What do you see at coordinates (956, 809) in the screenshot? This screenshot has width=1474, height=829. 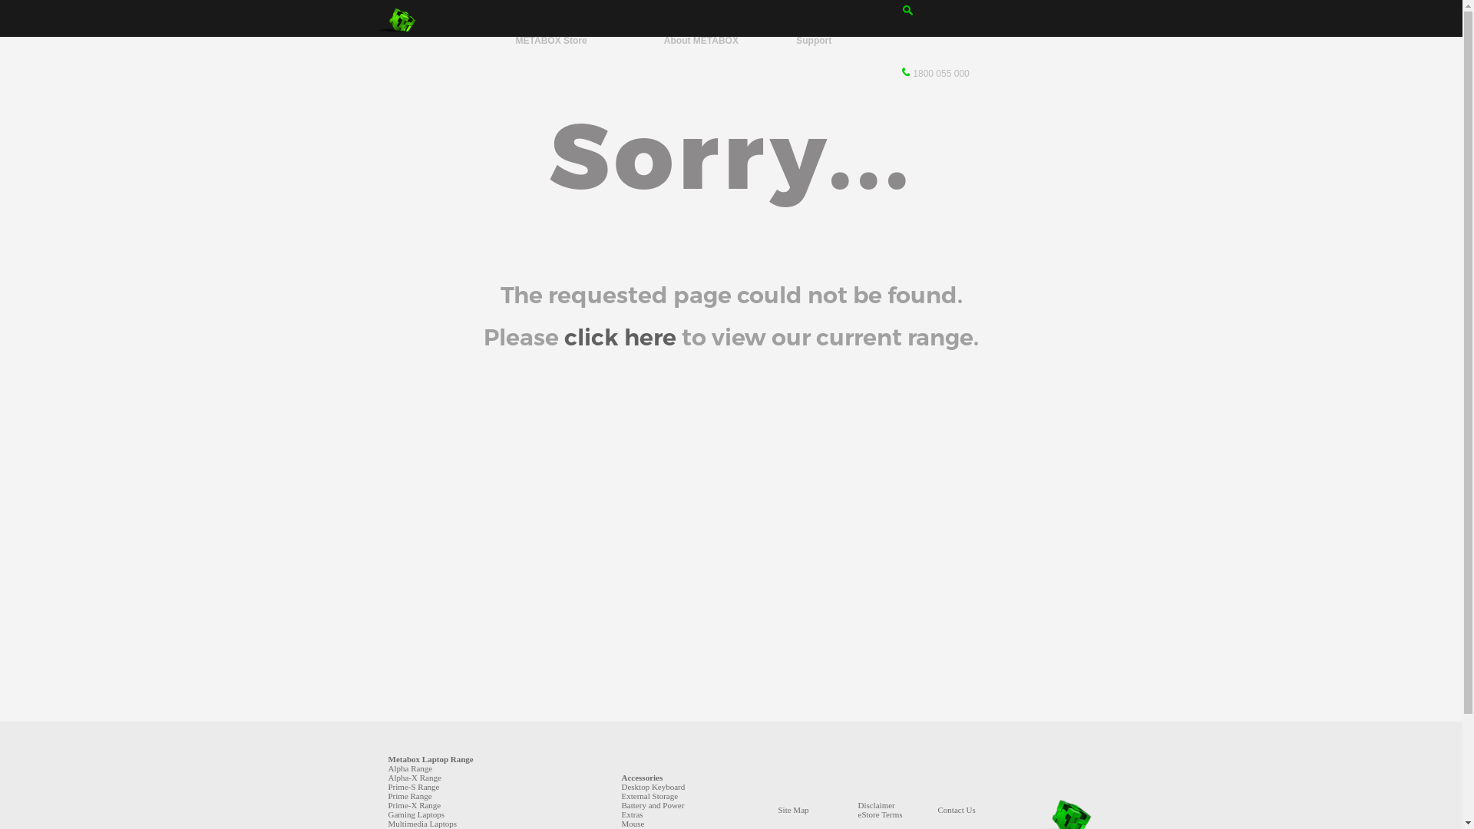 I see `'Contact Us'` at bounding box center [956, 809].